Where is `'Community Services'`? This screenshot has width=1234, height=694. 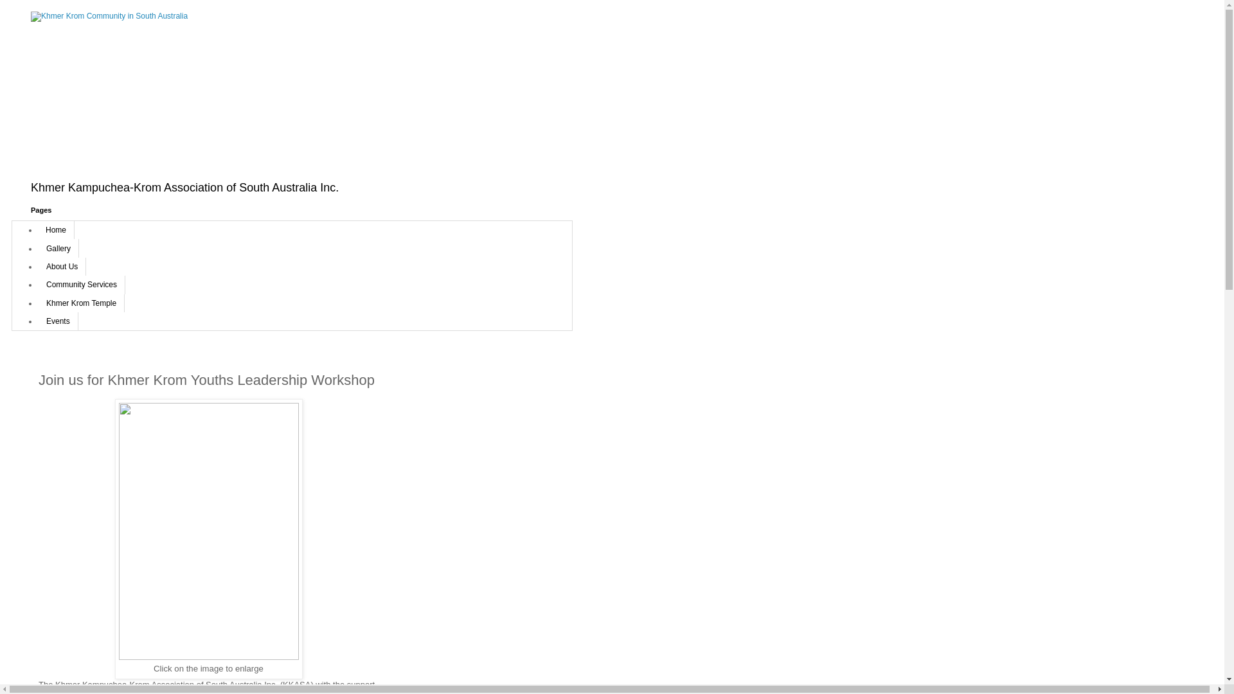 'Community Services' is located at coordinates (80, 284).